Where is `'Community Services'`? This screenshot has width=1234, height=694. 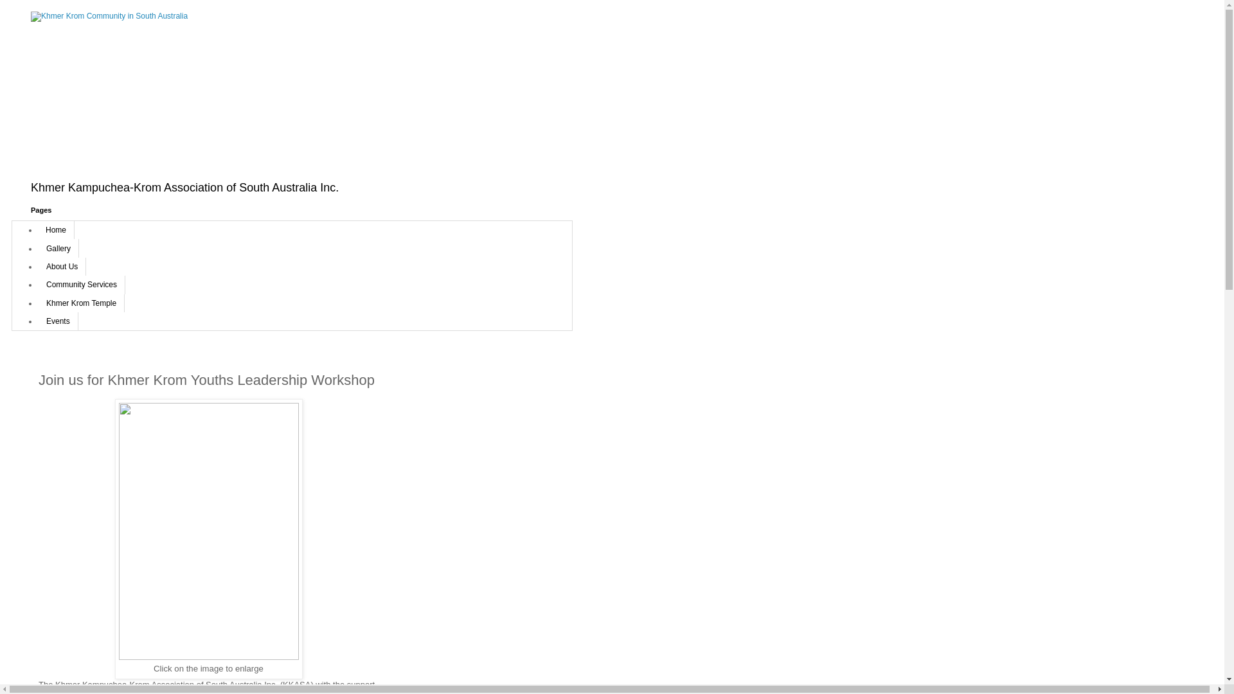 'Community Services' is located at coordinates (80, 284).